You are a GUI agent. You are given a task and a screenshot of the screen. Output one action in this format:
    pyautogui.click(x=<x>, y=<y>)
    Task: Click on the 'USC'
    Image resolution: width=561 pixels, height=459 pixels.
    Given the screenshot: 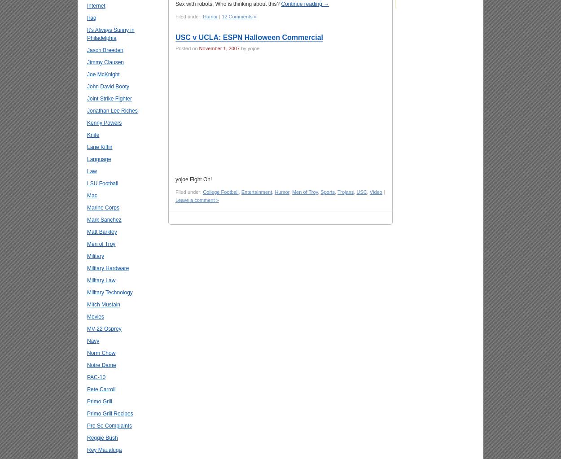 What is the action you would take?
    pyautogui.click(x=356, y=192)
    